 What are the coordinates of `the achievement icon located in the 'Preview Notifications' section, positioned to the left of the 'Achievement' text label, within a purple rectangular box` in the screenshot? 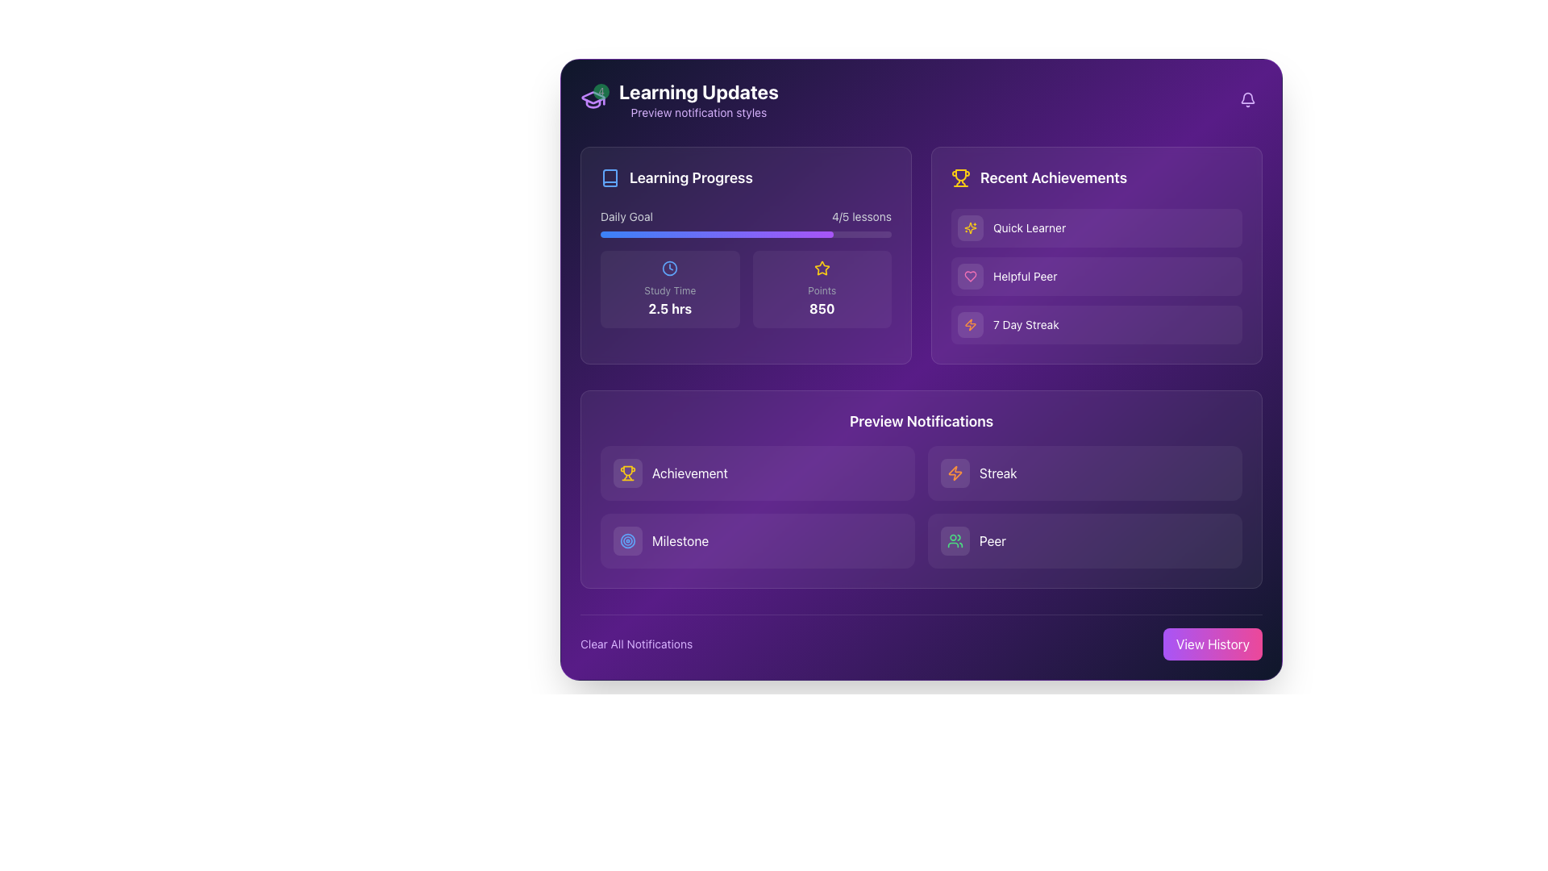 It's located at (626, 470).